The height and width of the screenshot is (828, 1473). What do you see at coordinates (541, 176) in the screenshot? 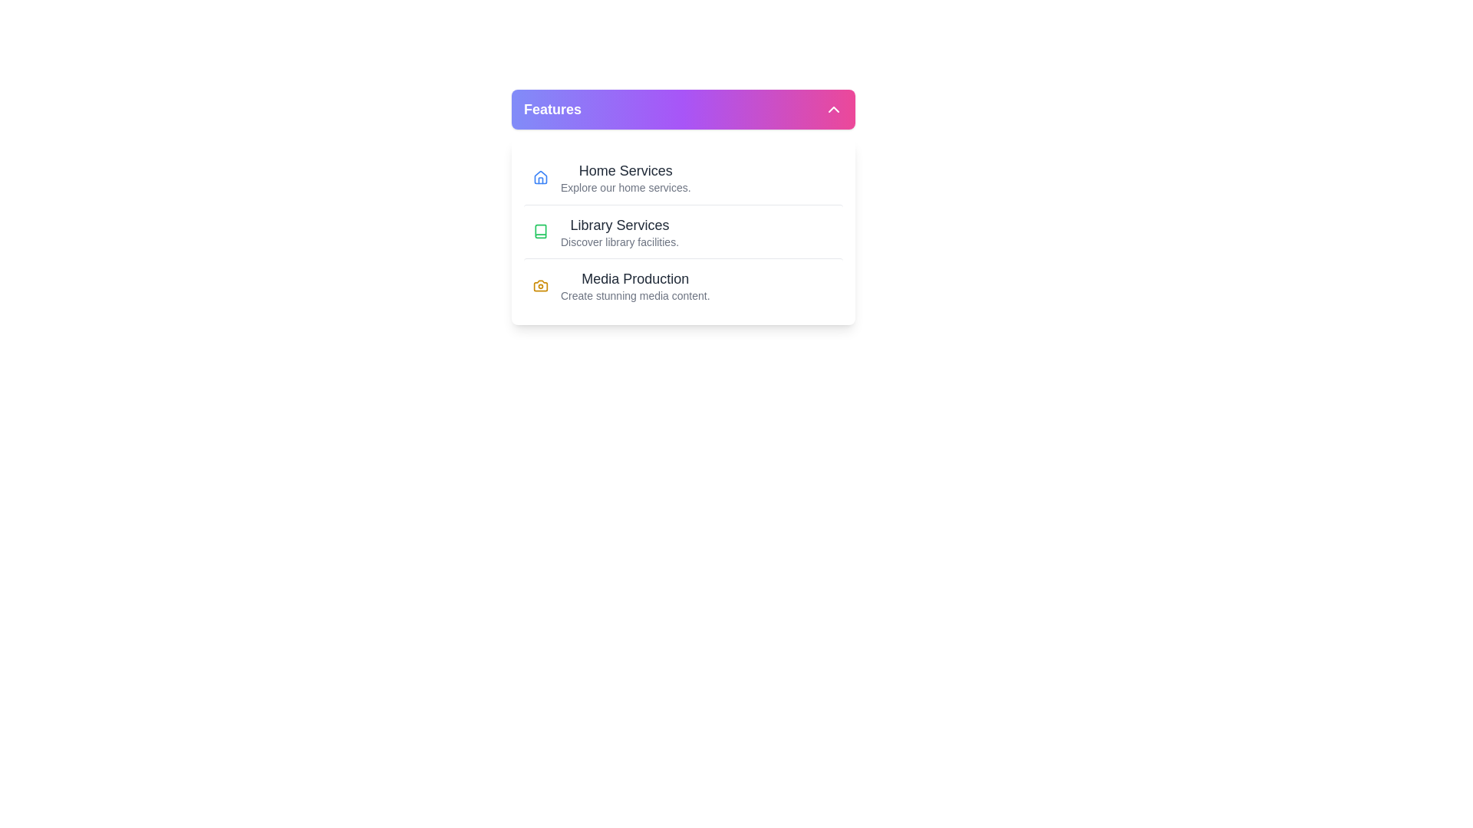
I see `the blue house icon in the 'Home Services' menu item, which is the first visual element to the left of the text label` at bounding box center [541, 176].